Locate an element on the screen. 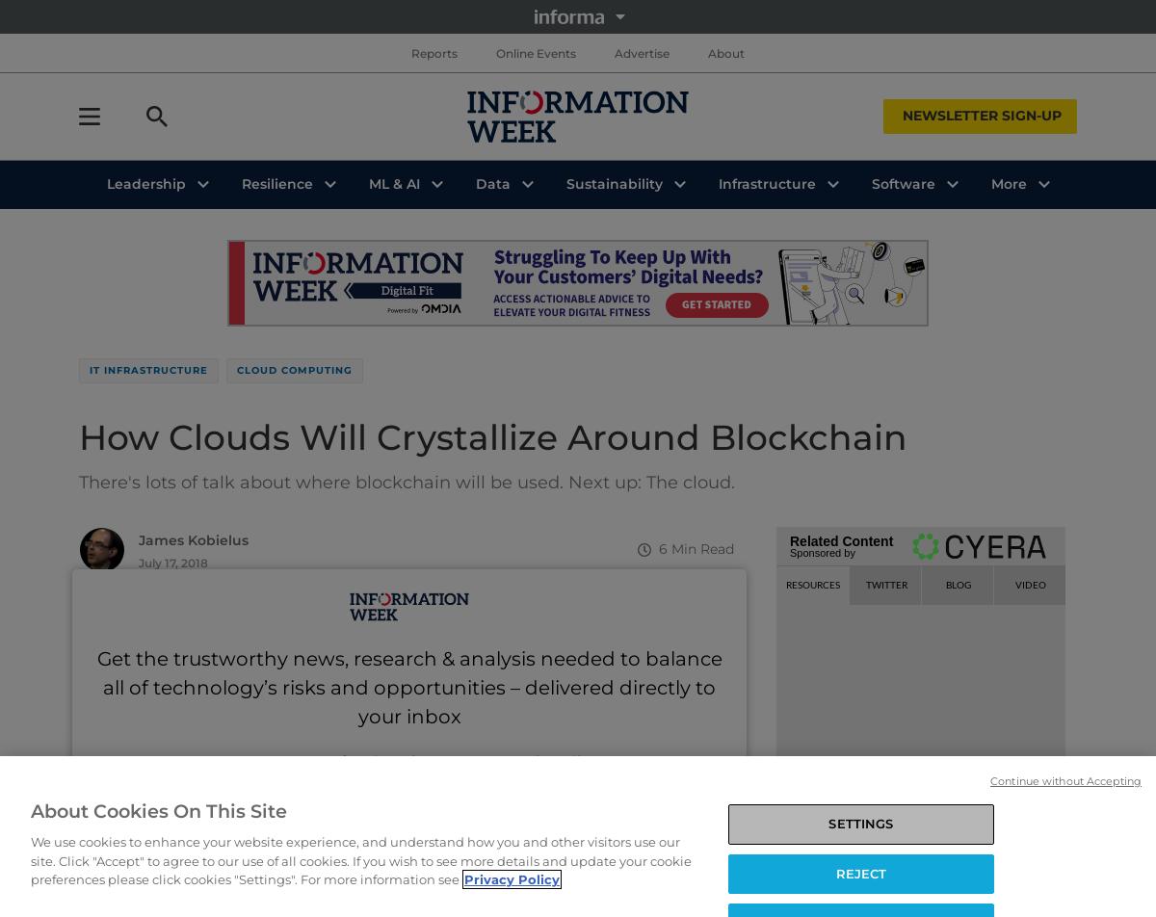 Image resolution: width=1156 pixels, height=917 pixels. 'Reports' is located at coordinates (433, 53).